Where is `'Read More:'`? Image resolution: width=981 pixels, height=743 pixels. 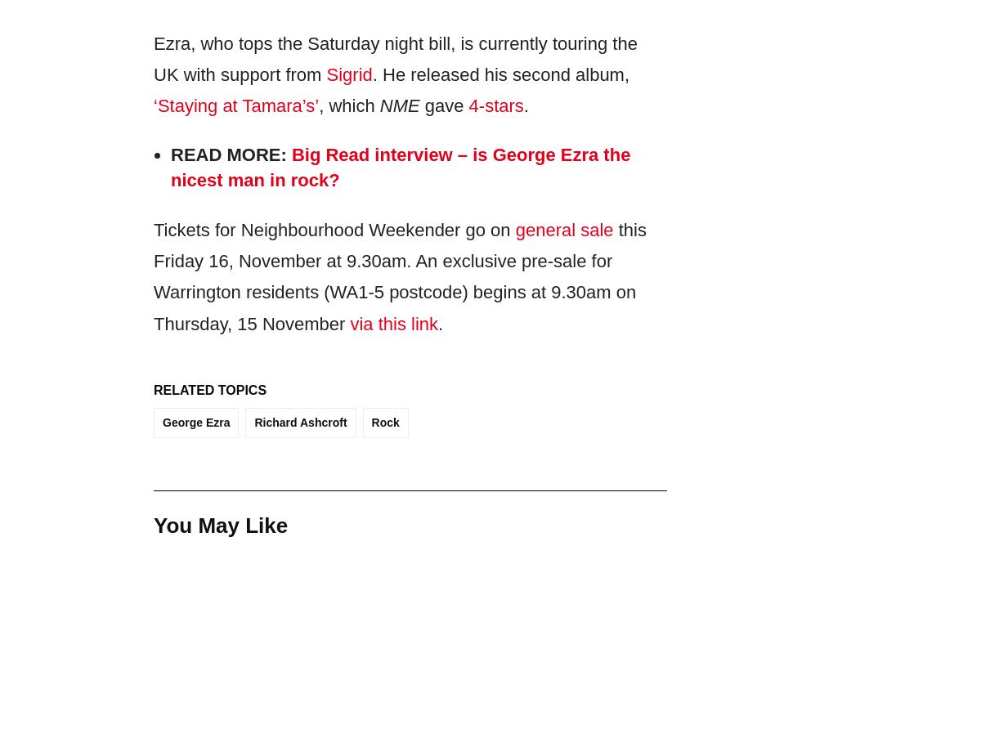 'Read More:' is located at coordinates (227, 154).